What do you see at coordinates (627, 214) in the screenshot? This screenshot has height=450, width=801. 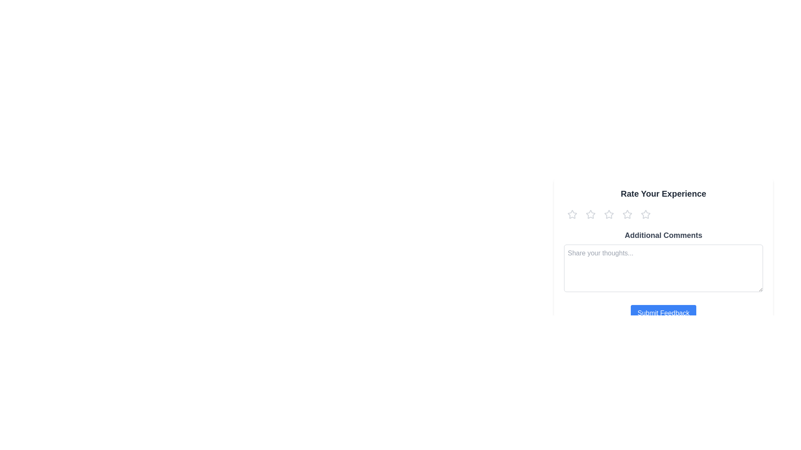 I see `the third star in the rating system, located under the title 'Rate Your Experience'` at bounding box center [627, 214].